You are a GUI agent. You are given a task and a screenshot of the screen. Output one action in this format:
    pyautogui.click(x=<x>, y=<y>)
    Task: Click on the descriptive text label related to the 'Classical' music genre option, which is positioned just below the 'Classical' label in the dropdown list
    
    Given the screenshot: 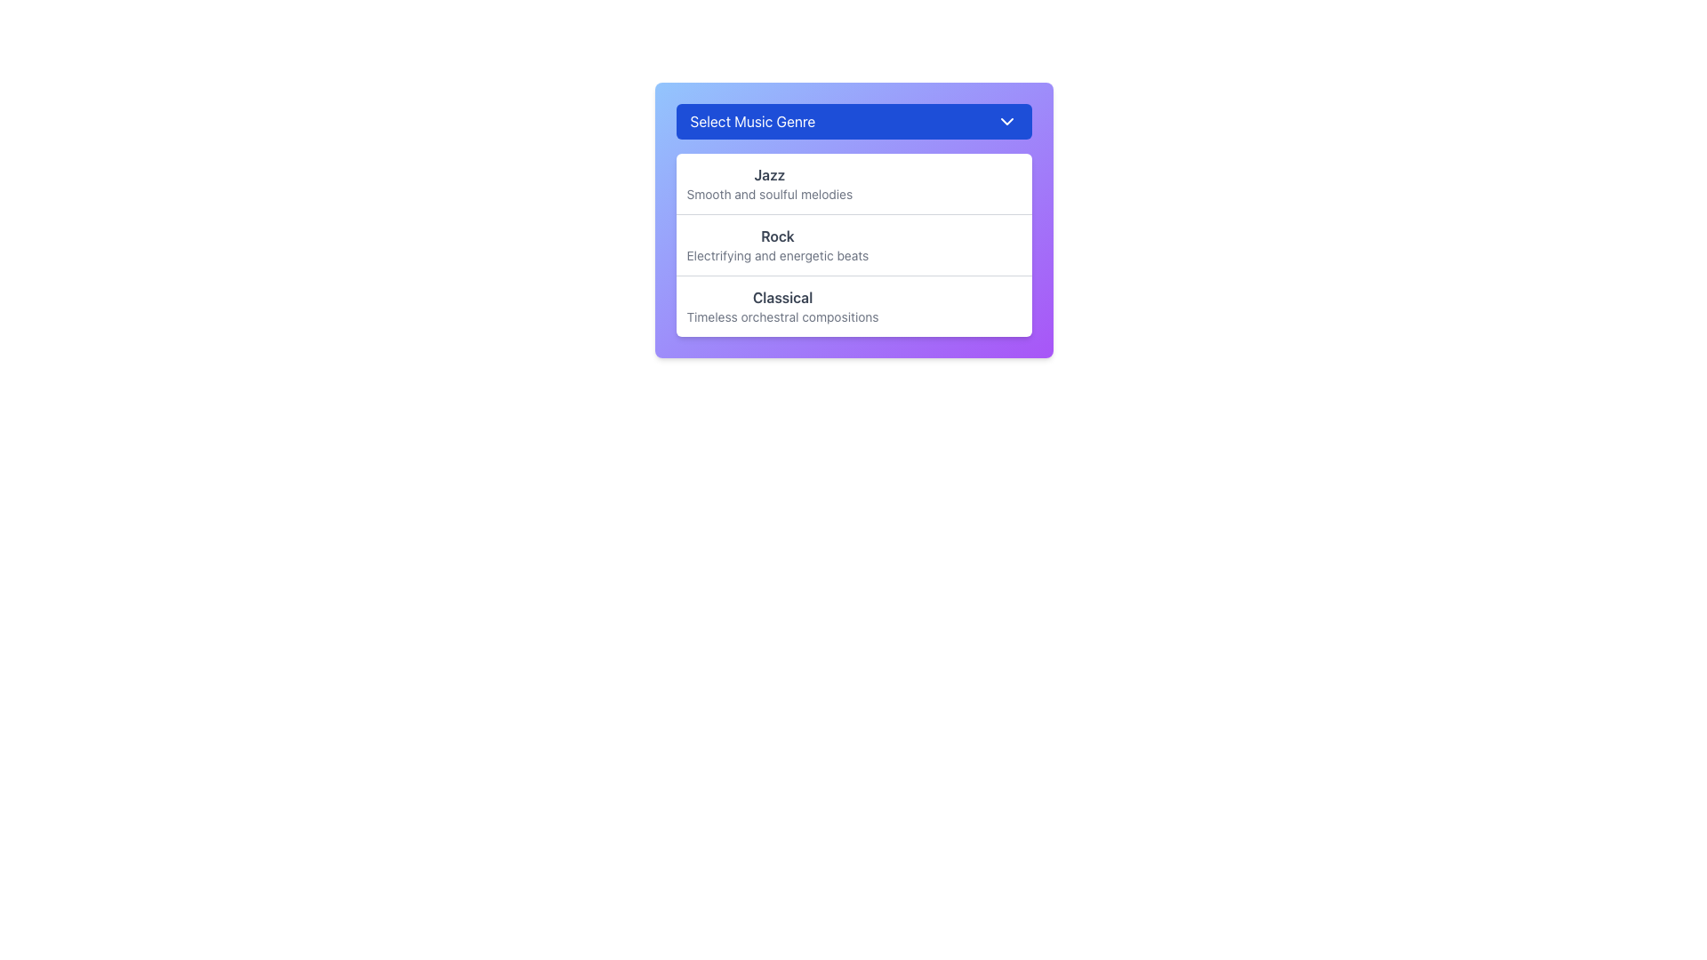 What is the action you would take?
    pyautogui.click(x=782, y=316)
    